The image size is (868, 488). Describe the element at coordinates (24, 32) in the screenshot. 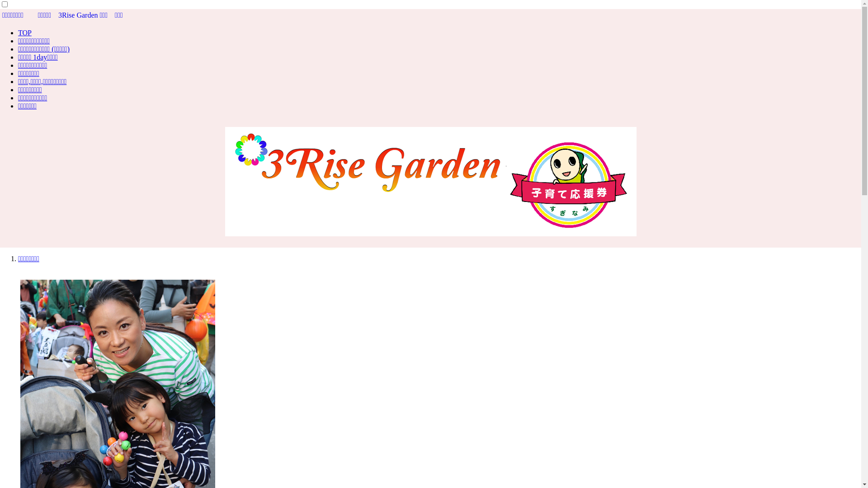

I see `'TOP'` at that location.